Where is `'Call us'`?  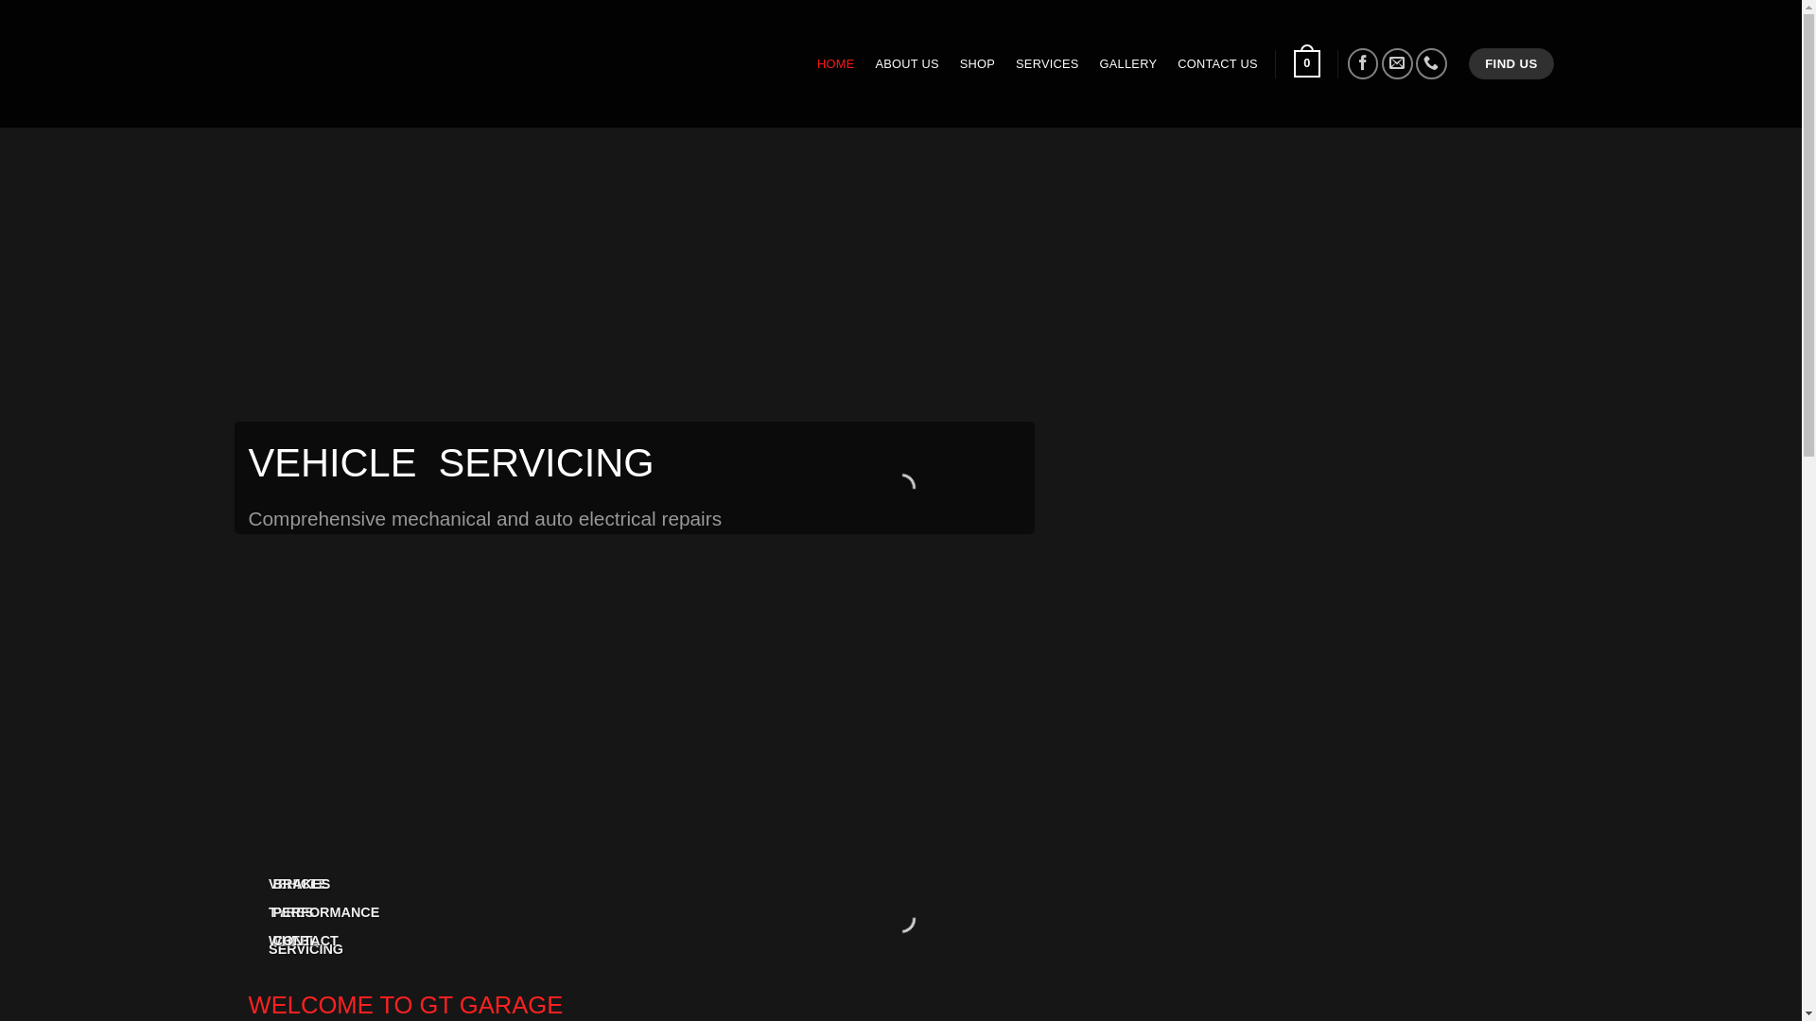 'Call us' is located at coordinates (1431, 62).